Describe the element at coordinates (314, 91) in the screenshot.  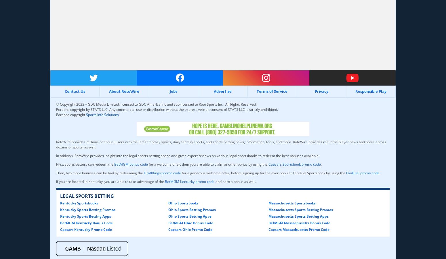
I see `'Privacy'` at that location.